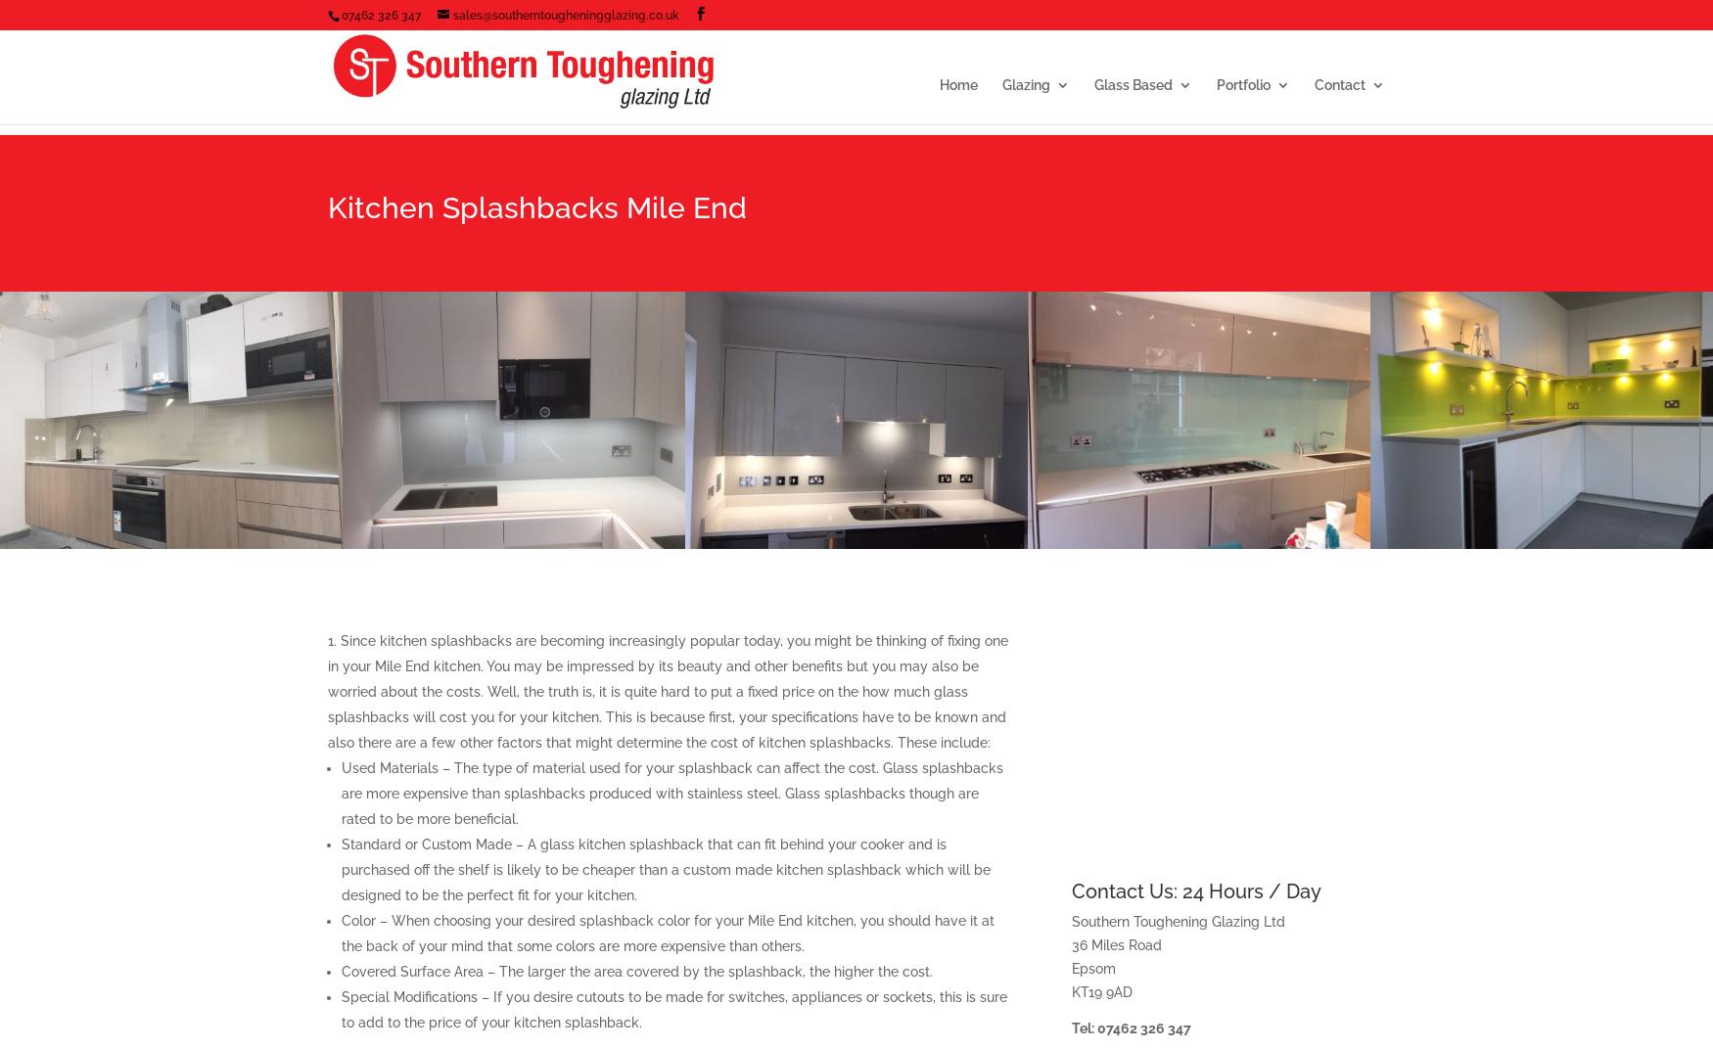 The image size is (1713, 1050). Describe the element at coordinates (1254, 360) in the screenshot. I see `'Exterior Glass'` at that location.